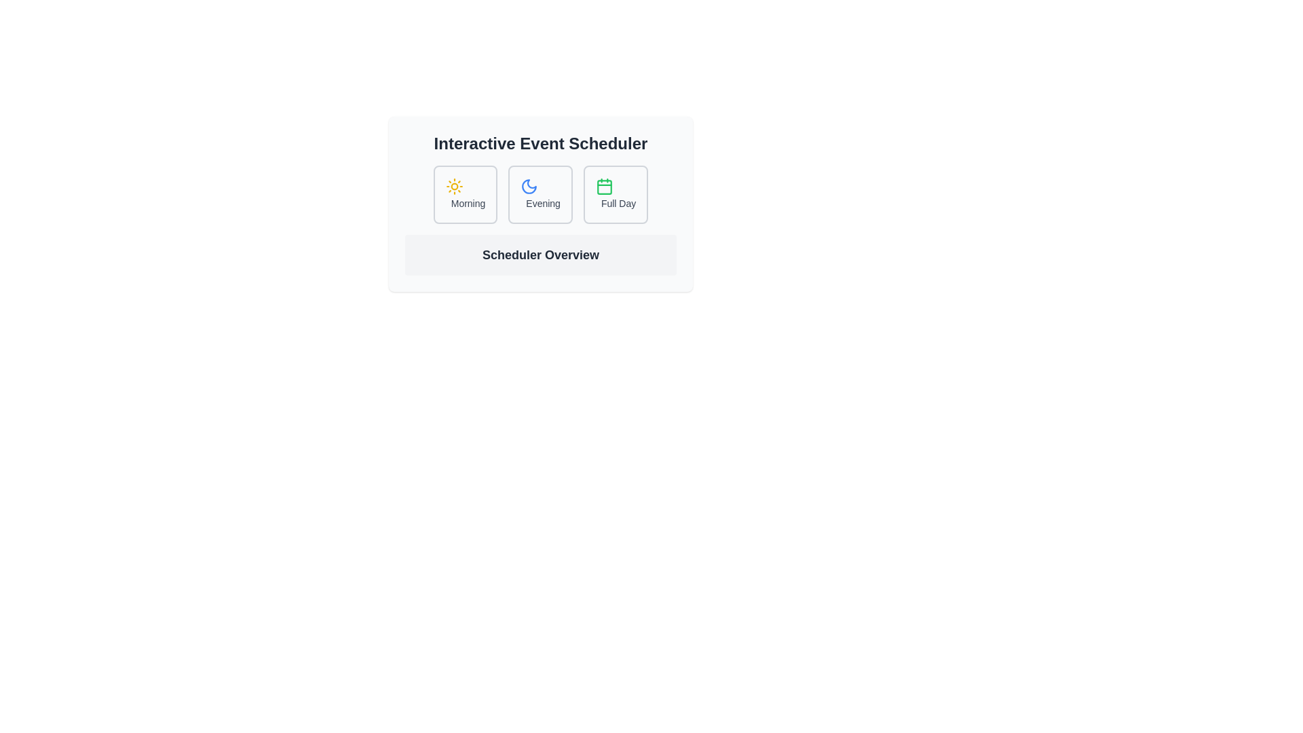 The image size is (1303, 733). Describe the element at coordinates (454, 186) in the screenshot. I see `the 'Morning' icon, which is the leftmost element in a horizontal arrangement of three boxes labeled 'Morning', 'Evening', and 'Full Day'` at that location.